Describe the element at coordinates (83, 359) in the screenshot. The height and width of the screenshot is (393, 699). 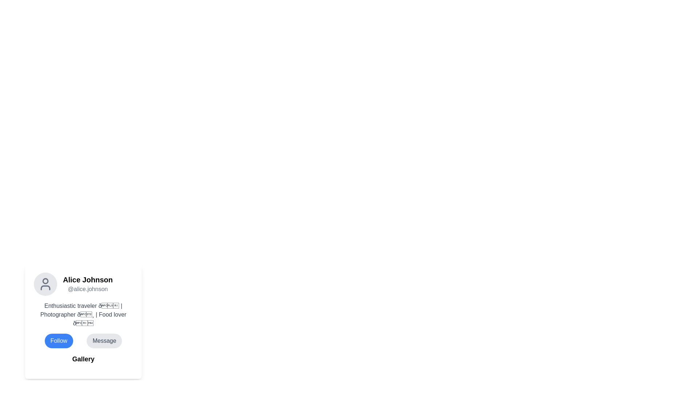
I see `the title text label in the gallery section located below the 'Follow' and 'Message' buttons, which serves as a heading for the gallery thumbnails` at that location.